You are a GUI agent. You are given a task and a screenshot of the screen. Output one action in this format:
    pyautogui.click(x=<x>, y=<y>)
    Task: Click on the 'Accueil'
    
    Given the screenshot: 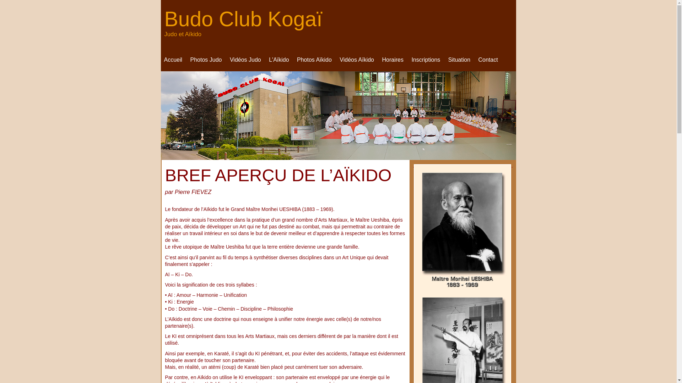 What is the action you would take?
    pyautogui.click(x=173, y=58)
    